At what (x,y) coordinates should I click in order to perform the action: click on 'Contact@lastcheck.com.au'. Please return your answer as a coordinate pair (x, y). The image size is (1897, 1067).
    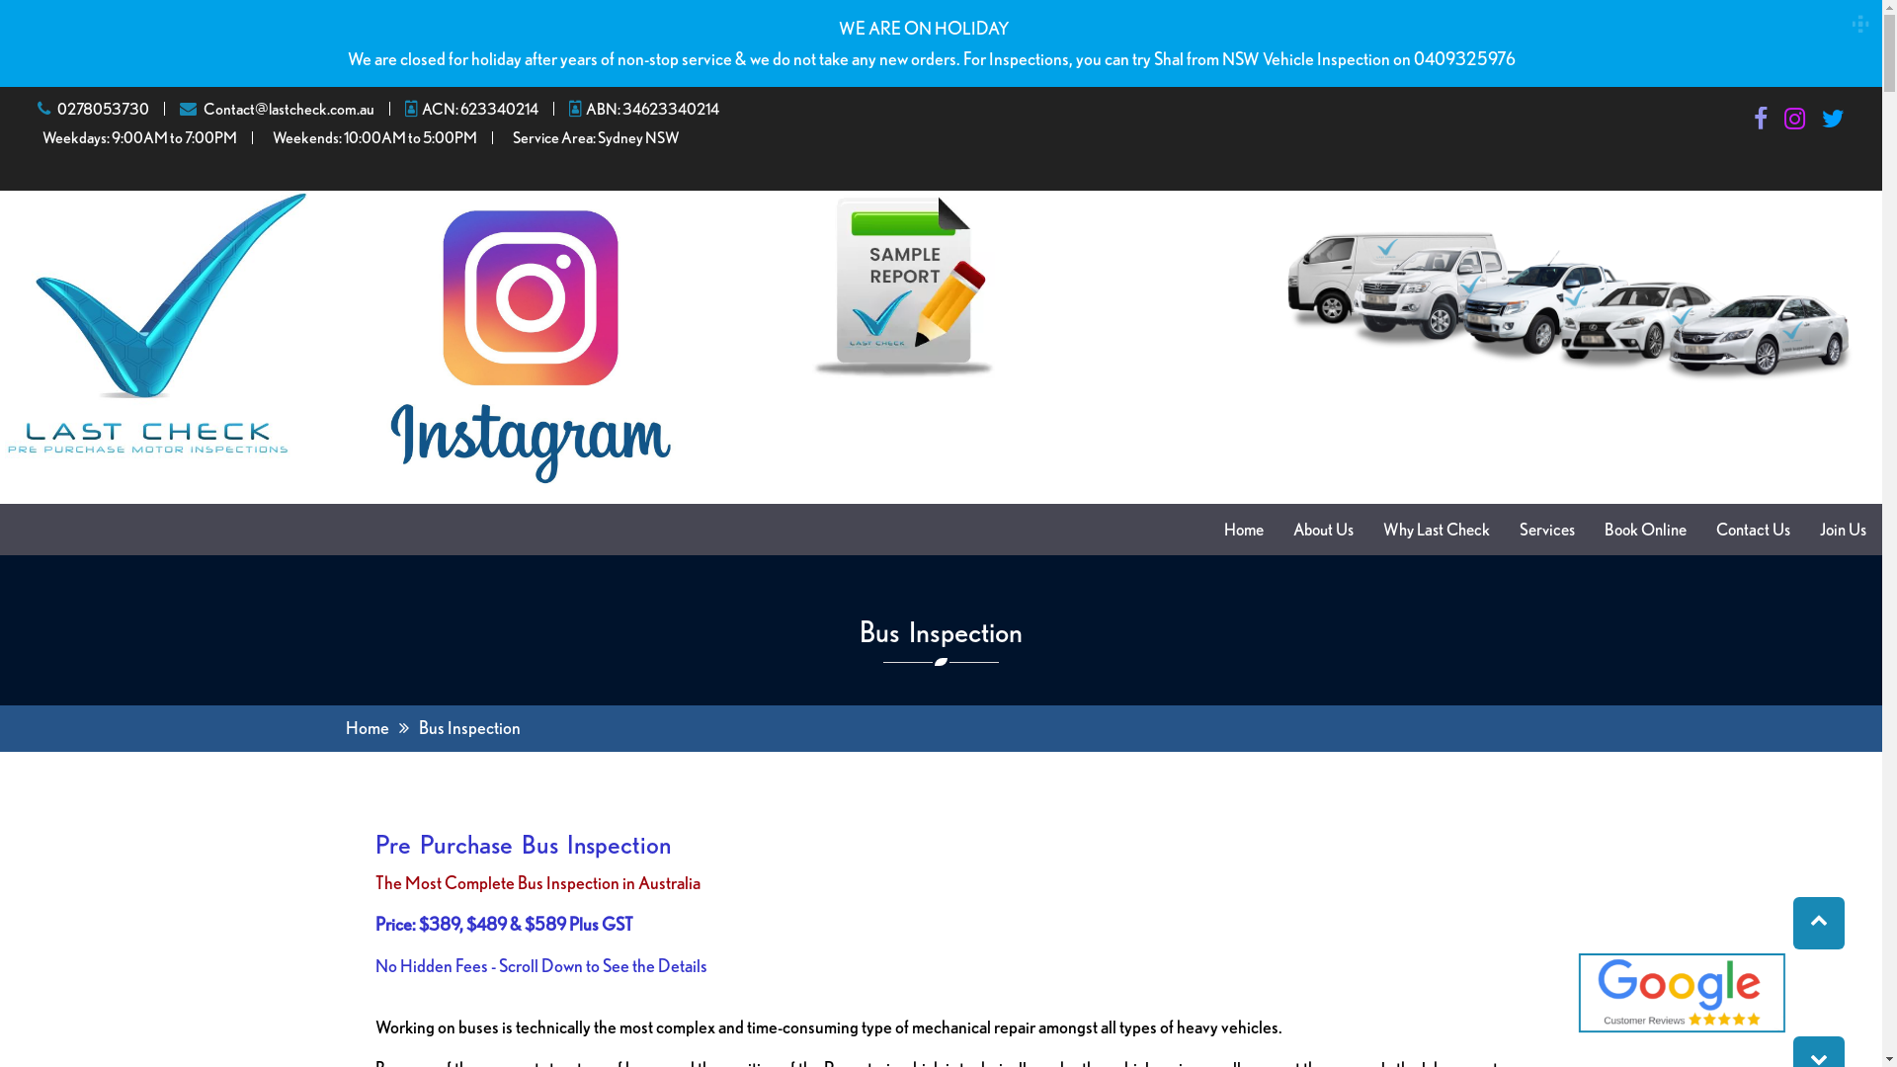
    Looking at the image, I should click on (204, 109).